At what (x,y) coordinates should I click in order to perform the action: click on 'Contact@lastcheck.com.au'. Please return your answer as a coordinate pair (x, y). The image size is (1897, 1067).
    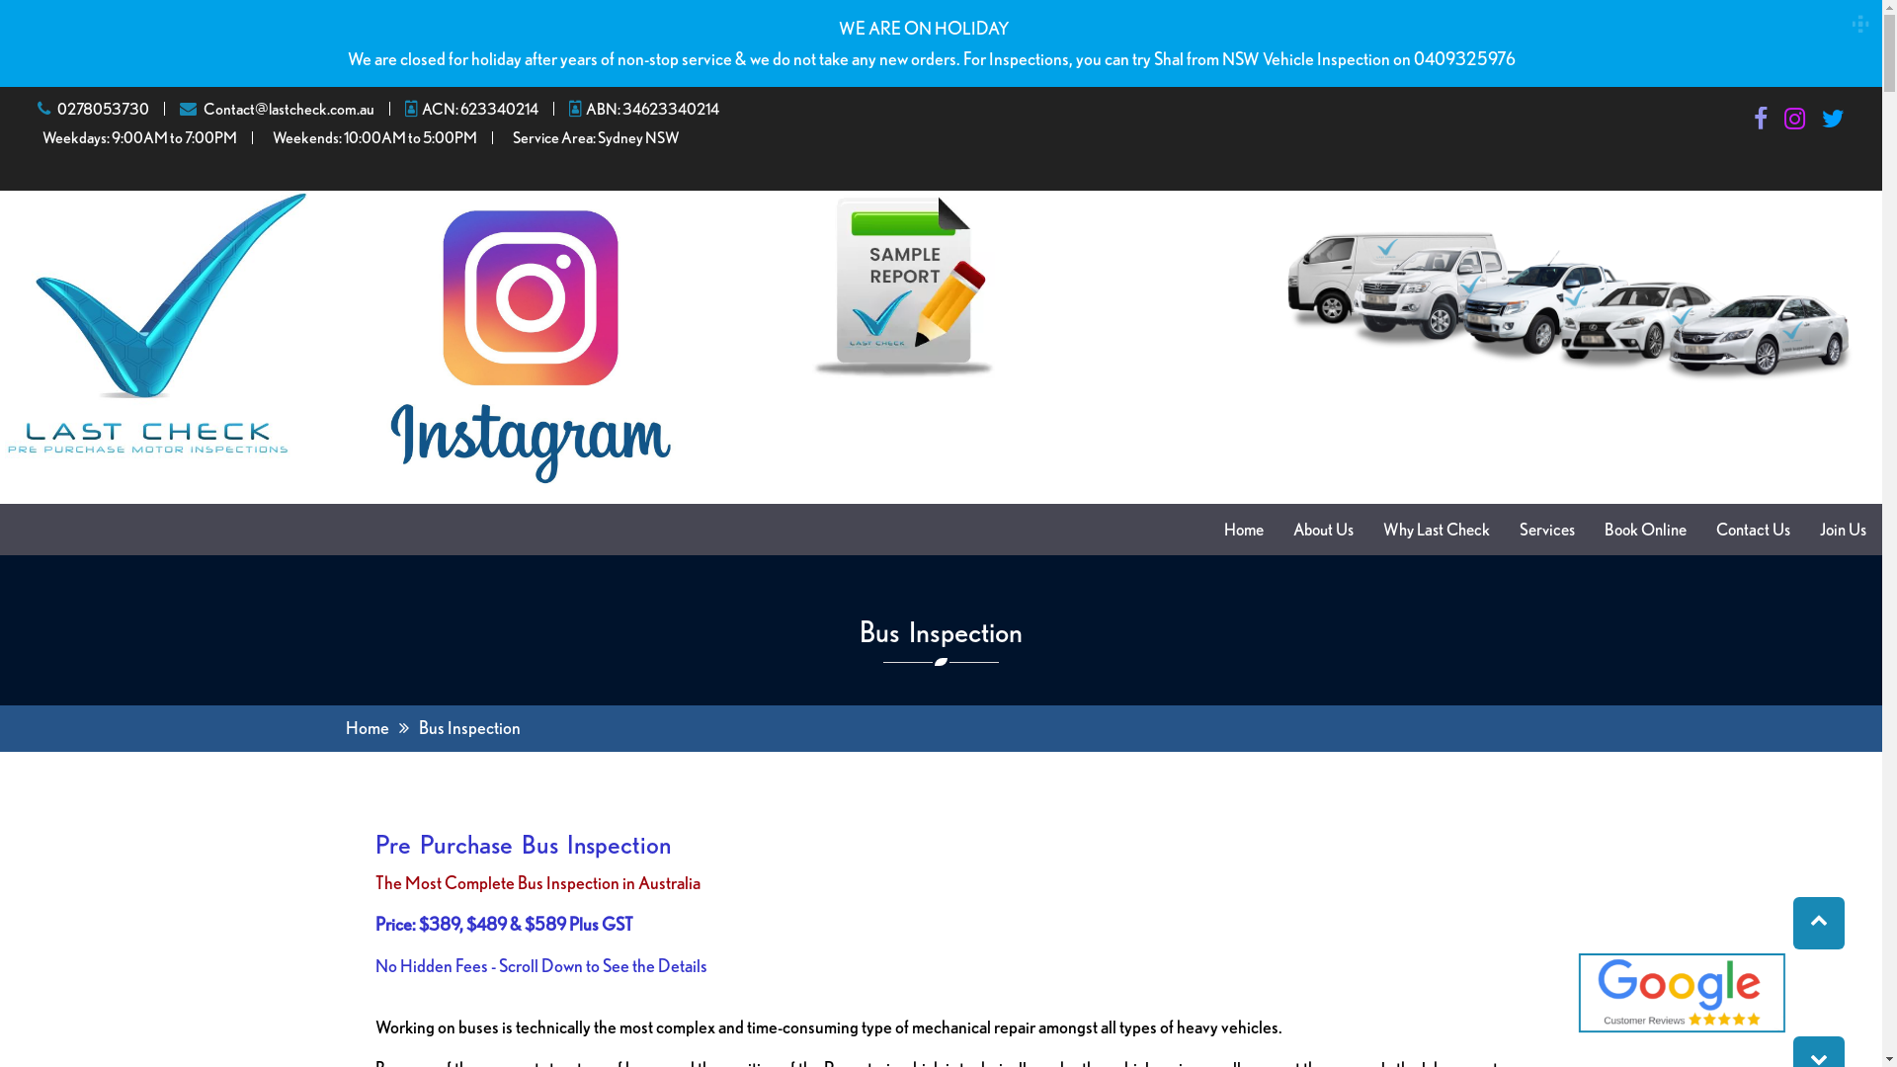
    Looking at the image, I should click on (204, 109).